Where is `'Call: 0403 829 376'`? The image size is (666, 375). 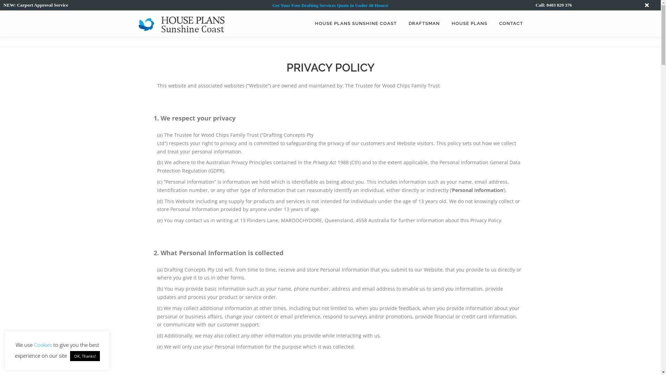 'Call: 0403 829 376' is located at coordinates (535, 5).